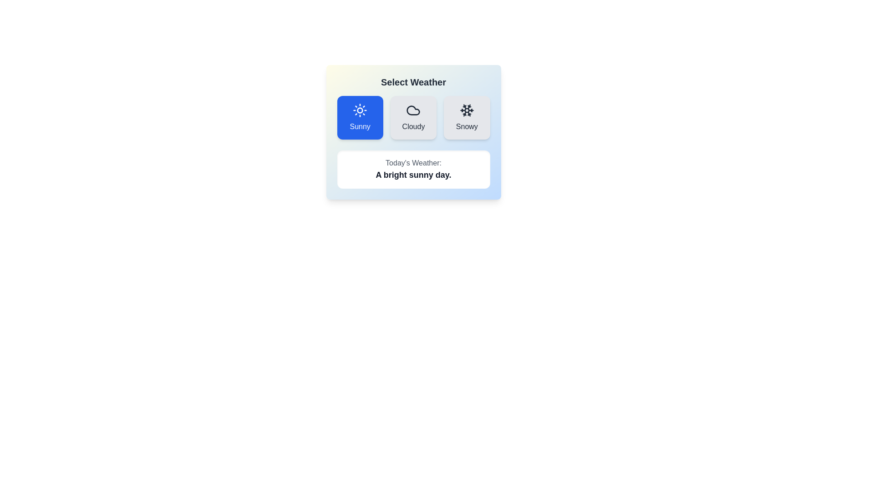 The height and width of the screenshot is (491, 874). I want to click on the weather description displayed in the 'Today's Weather' section, so click(413, 175).